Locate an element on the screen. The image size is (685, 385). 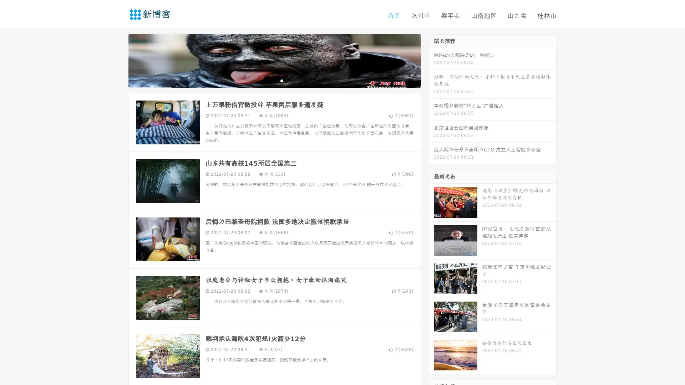
Go to slide 1 is located at coordinates (267, 80).